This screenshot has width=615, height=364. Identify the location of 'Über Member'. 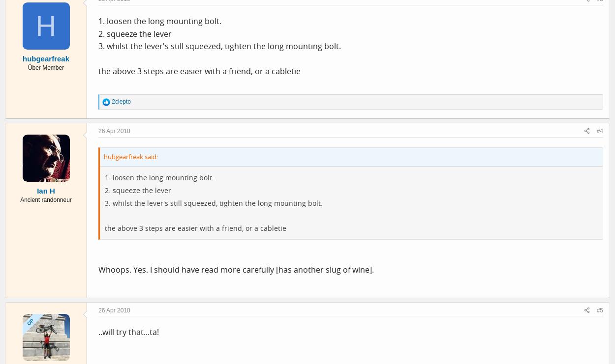
(45, 67).